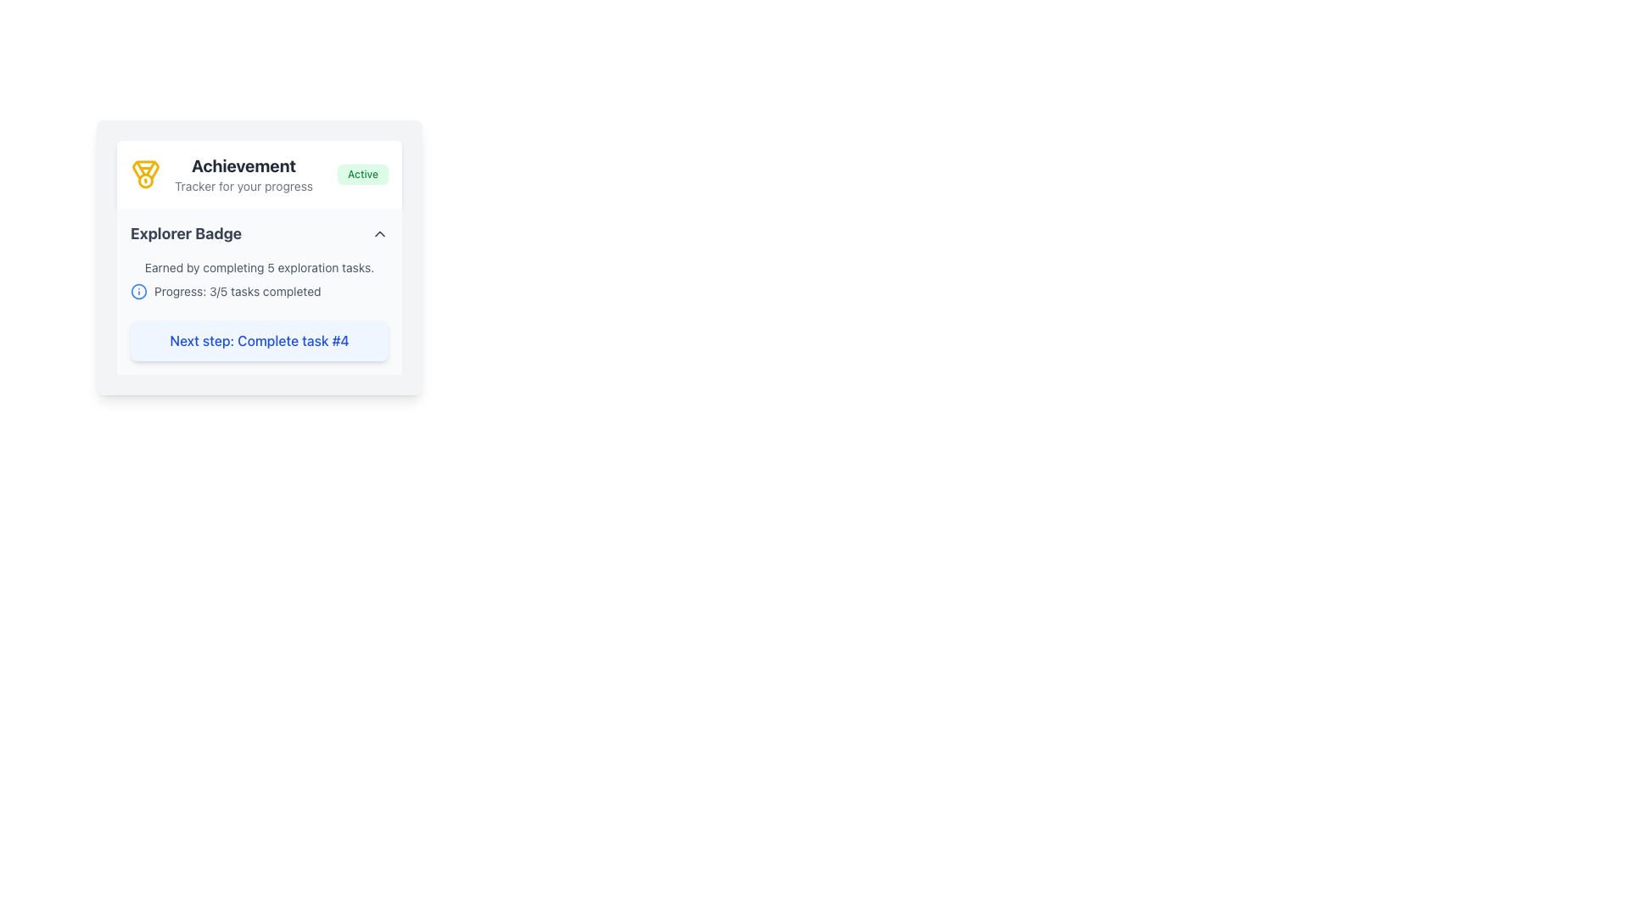  What do you see at coordinates (237, 290) in the screenshot?
I see `text from the Text Label that displays 'Progress: 3/5 tasks completed', which is aligned next to a blue information icon in the 'Explorer Badge' section` at bounding box center [237, 290].